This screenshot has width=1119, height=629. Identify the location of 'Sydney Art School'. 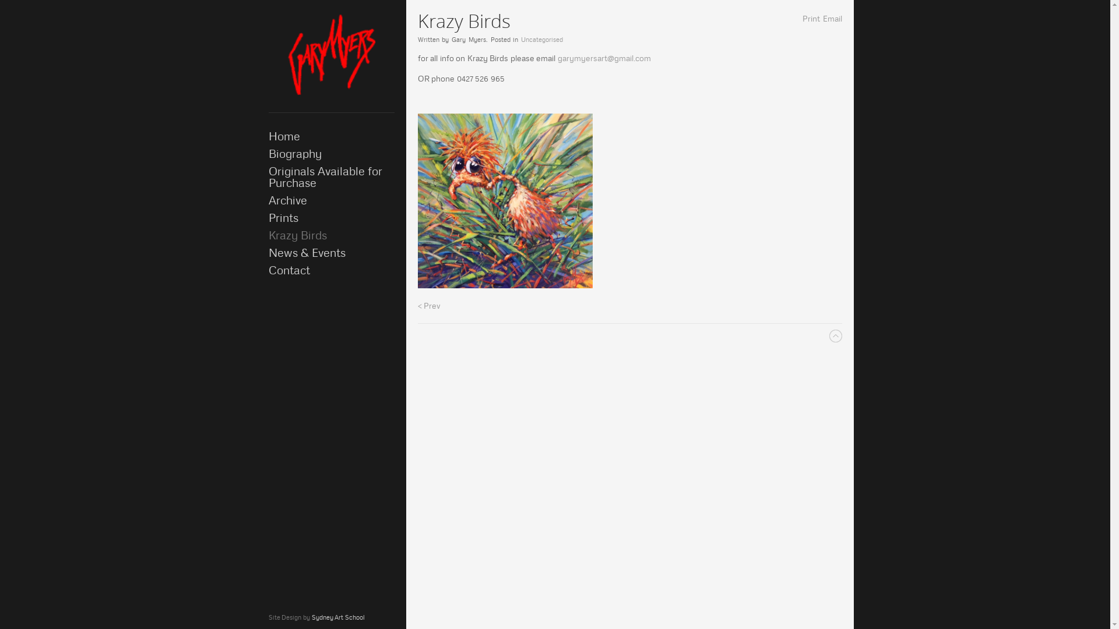
(337, 617).